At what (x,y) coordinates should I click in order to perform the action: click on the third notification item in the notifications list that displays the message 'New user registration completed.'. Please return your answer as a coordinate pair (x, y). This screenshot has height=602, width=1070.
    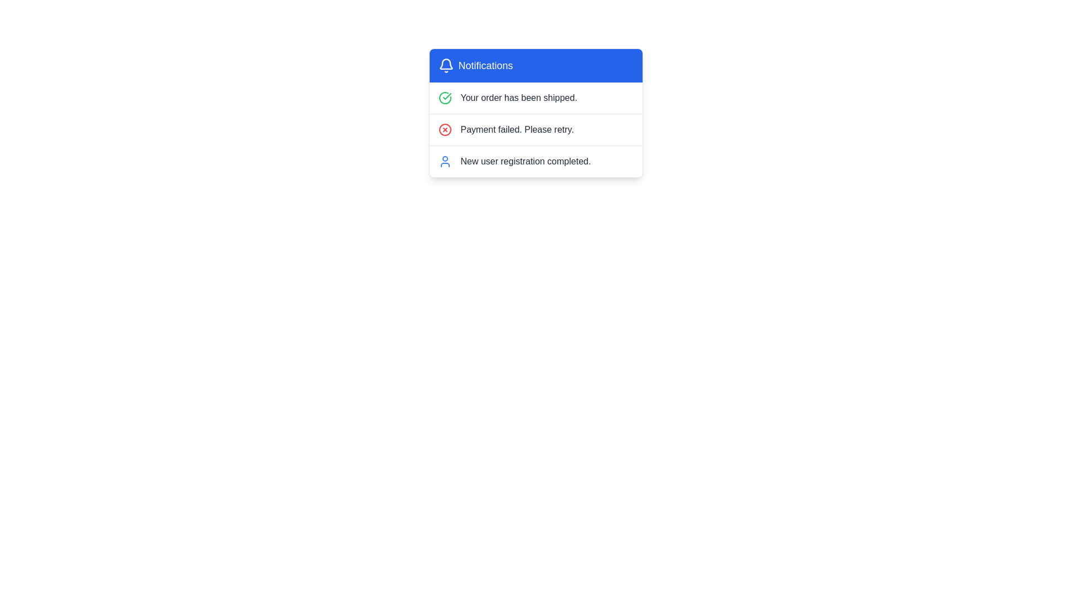
    Looking at the image, I should click on (525, 161).